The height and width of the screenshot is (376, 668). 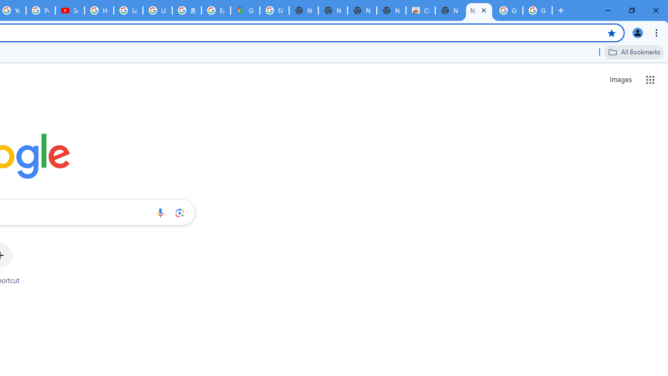 I want to click on 'Explore new street-level details - Google Maps Help', so click(x=216, y=10).